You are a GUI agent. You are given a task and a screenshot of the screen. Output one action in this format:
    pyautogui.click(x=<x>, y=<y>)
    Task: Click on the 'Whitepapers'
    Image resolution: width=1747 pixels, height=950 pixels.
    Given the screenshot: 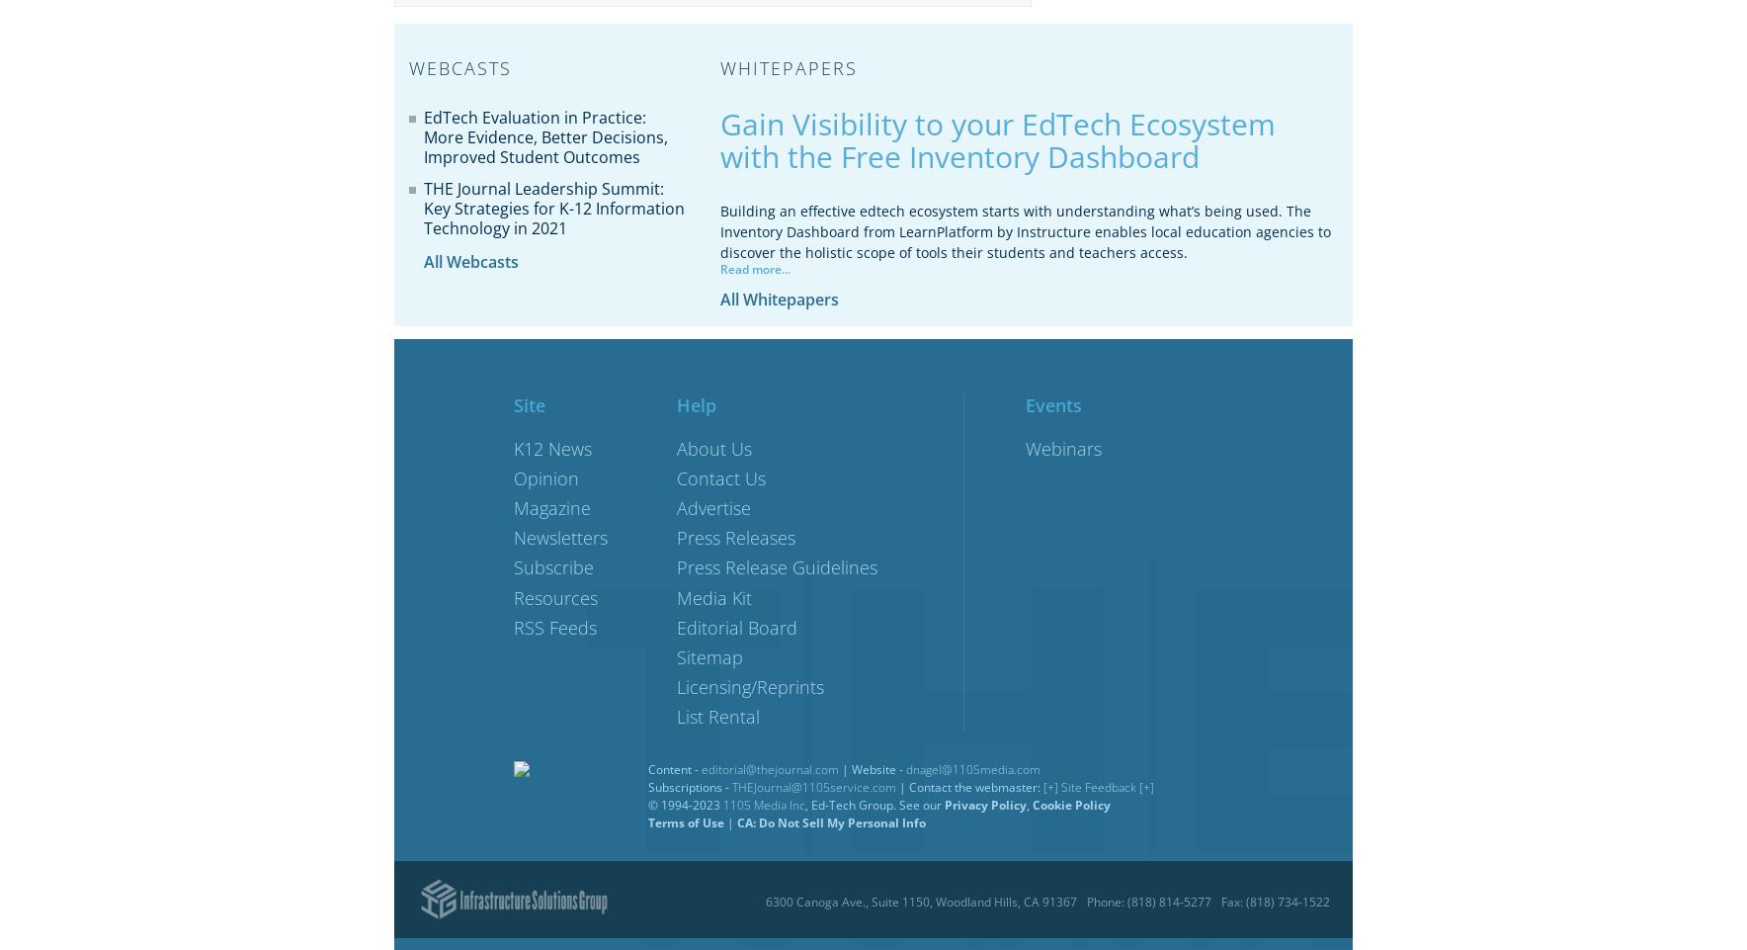 What is the action you would take?
    pyautogui.click(x=789, y=67)
    